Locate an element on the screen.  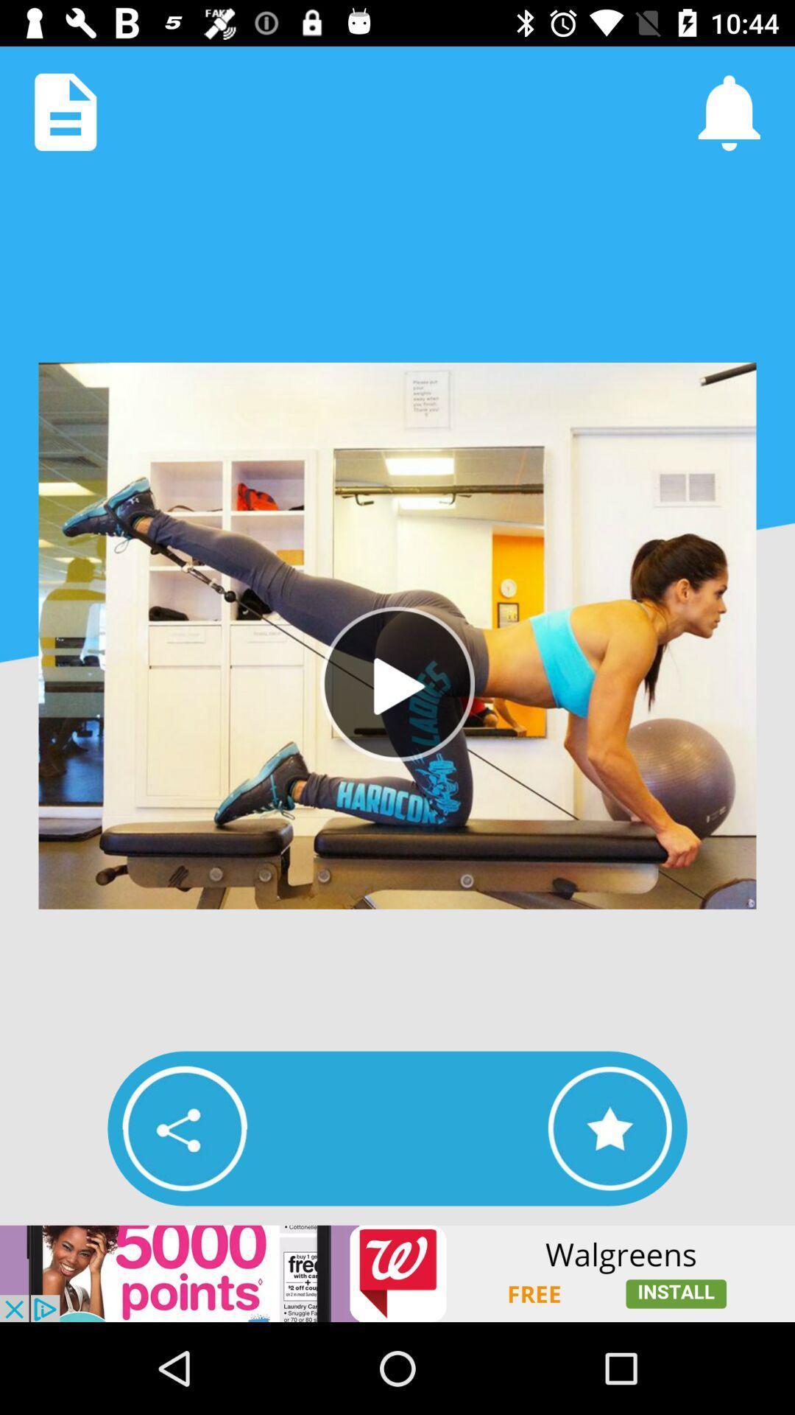
the share icon is located at coordinates (184, 1128).